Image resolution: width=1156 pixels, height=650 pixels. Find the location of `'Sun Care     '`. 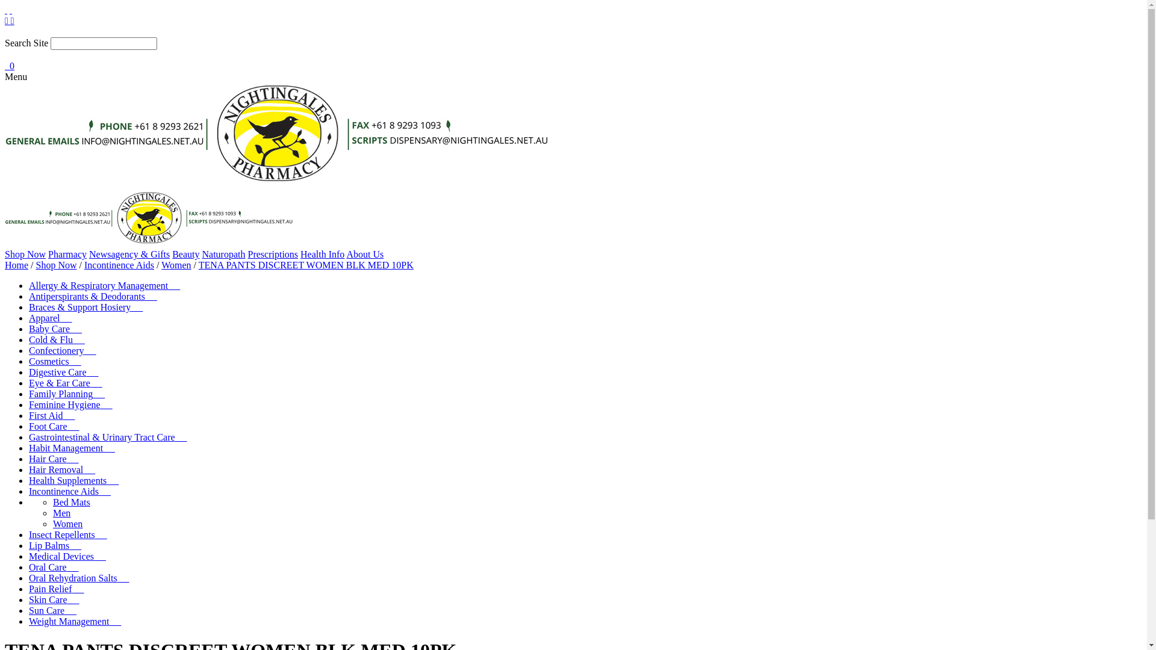

'Sun Care     ' is located at coordinates (52, 610).